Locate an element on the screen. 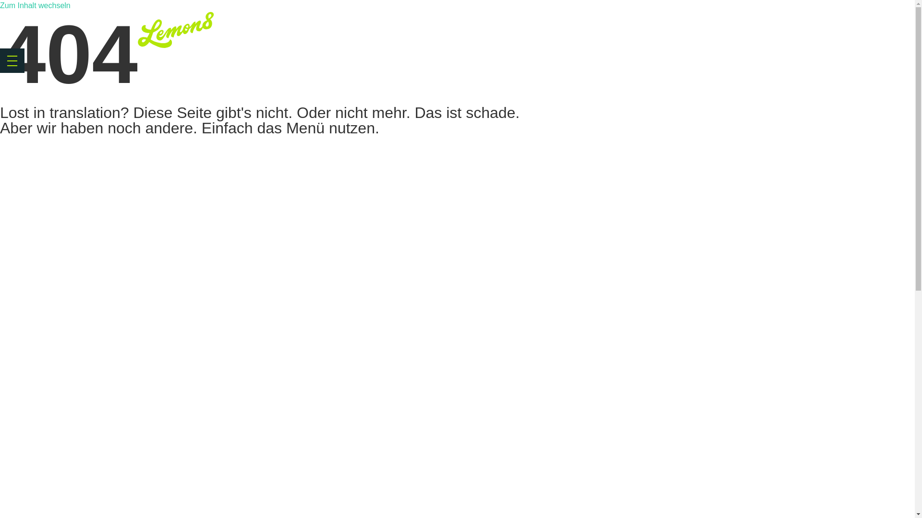 The height and width of the screenshot is (518, 922). 'Zum Inhalt wechseln' is located at coordinates (35, 5).